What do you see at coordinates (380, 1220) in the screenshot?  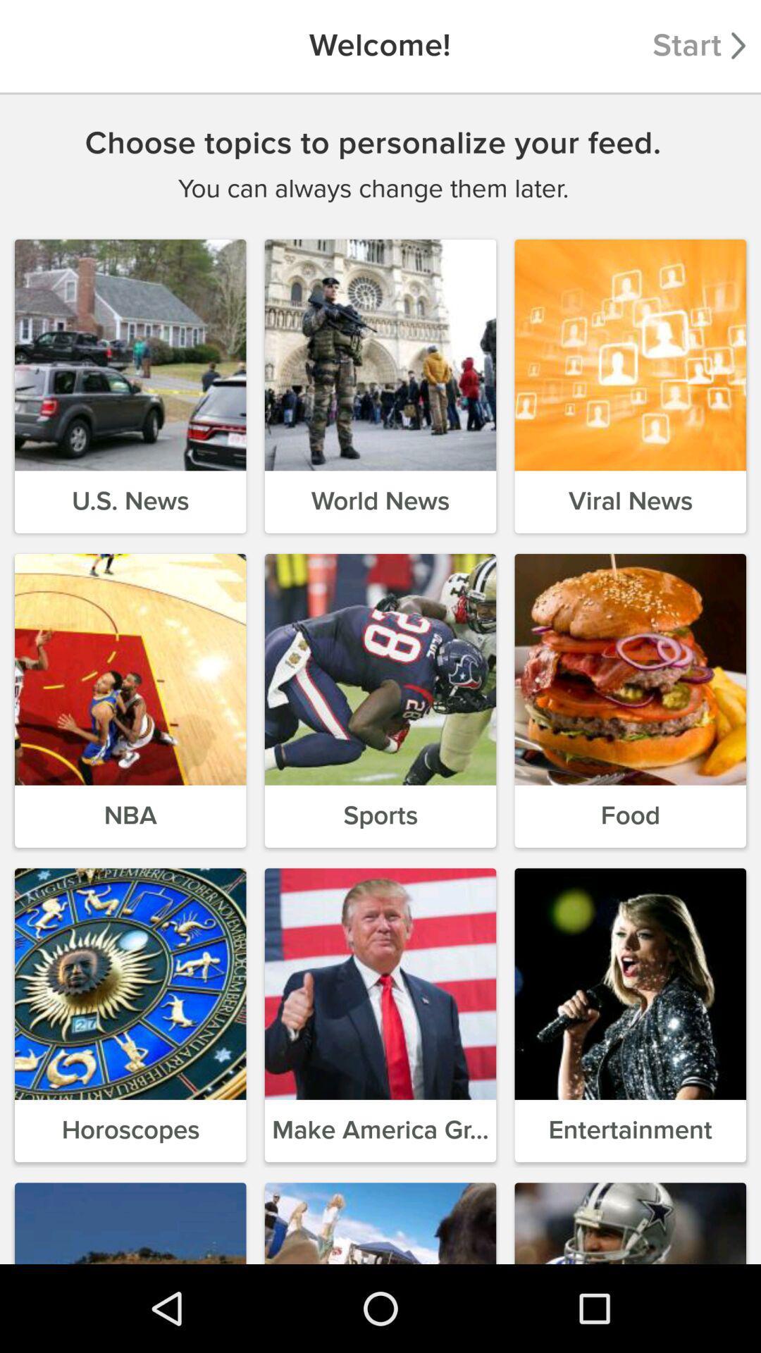 I see `the second image from the bottom` at bounding box center [380, 1220].